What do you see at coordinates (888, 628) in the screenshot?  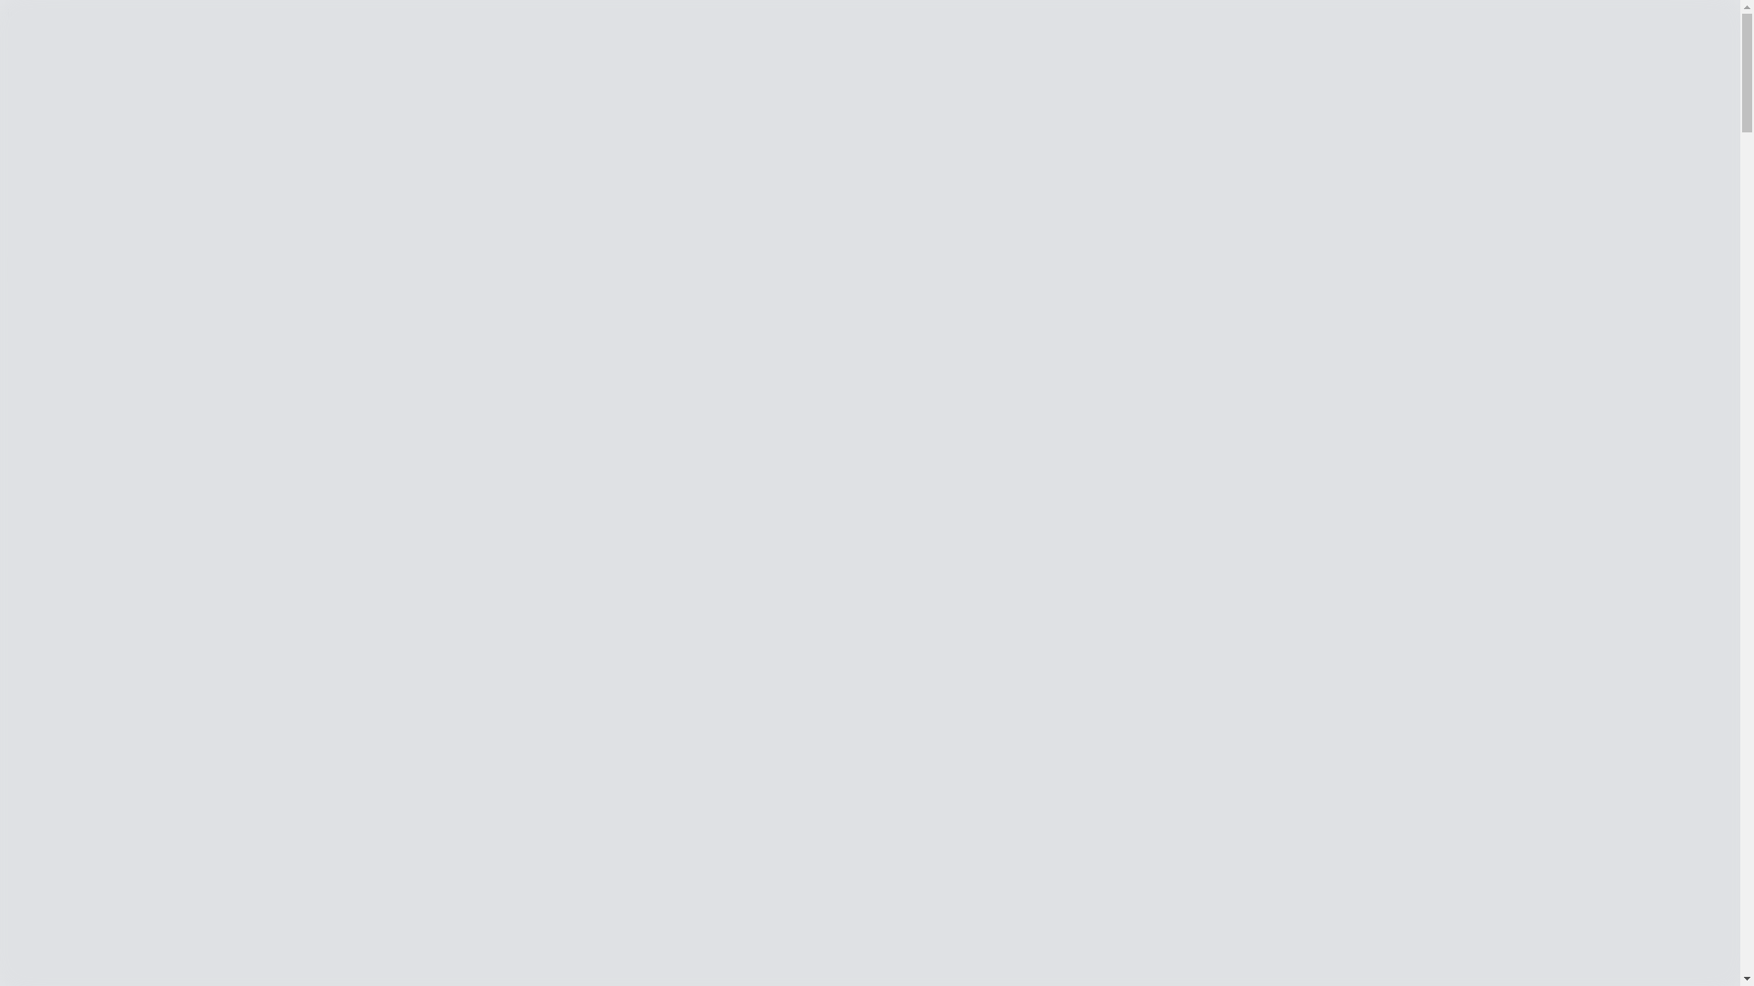 I see `'Book a Tasting'` at bounding box center [888, 628].